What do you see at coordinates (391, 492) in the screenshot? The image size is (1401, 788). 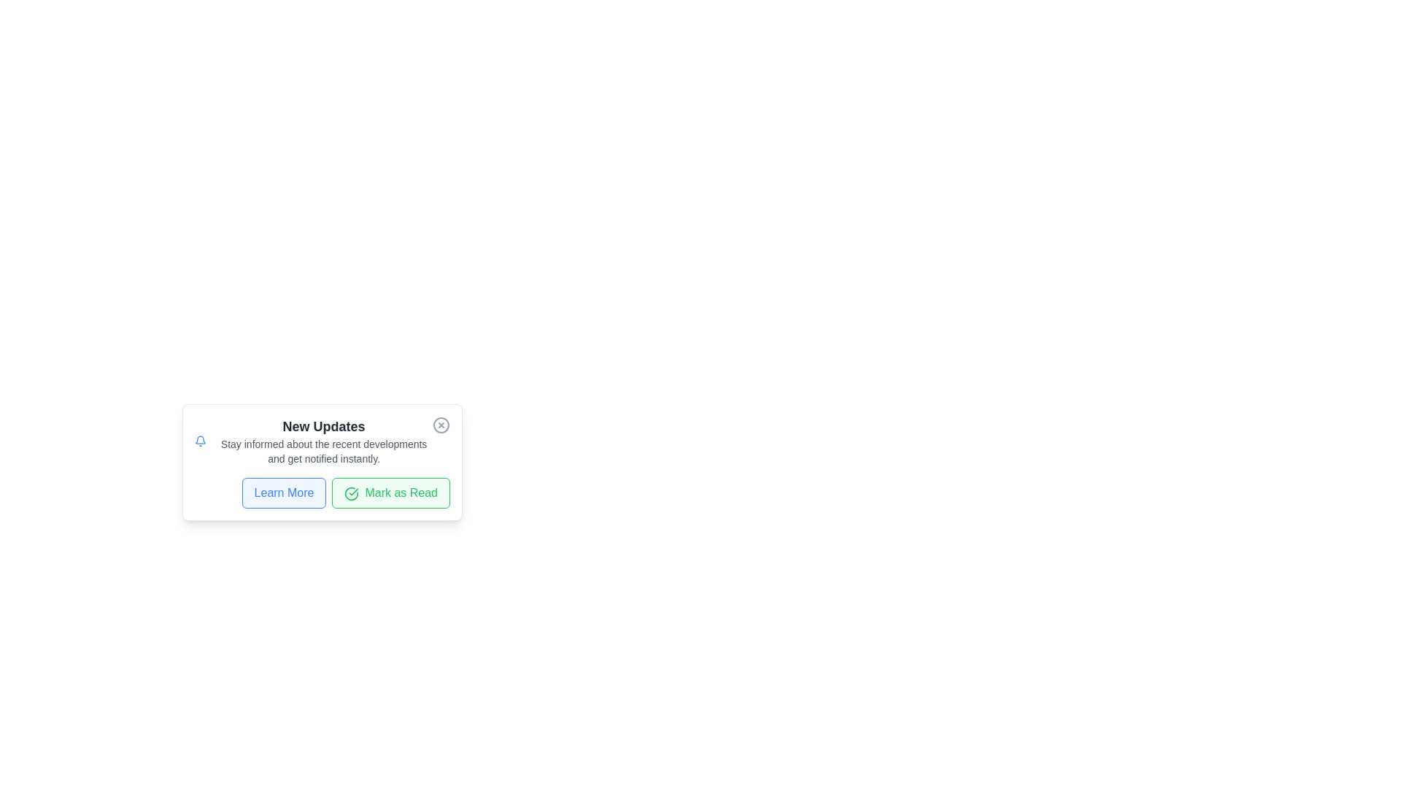 I see `the 'Mark as Read' button with rounded corners, green border, and light green background for keyboard interaction` at bounding box center [391, 492].